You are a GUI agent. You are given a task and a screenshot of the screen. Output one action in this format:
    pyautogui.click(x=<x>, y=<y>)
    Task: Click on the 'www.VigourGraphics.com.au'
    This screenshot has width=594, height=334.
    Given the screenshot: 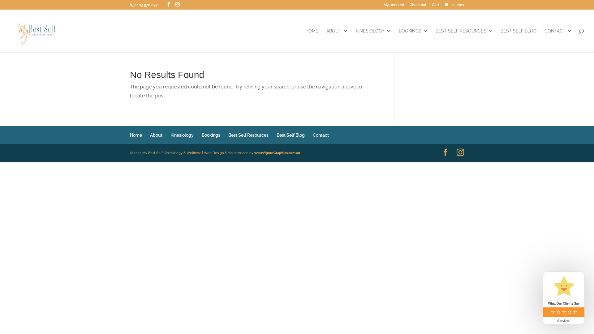 What is the action you would take?
    pyautogui.click(x=254, y=153)
    